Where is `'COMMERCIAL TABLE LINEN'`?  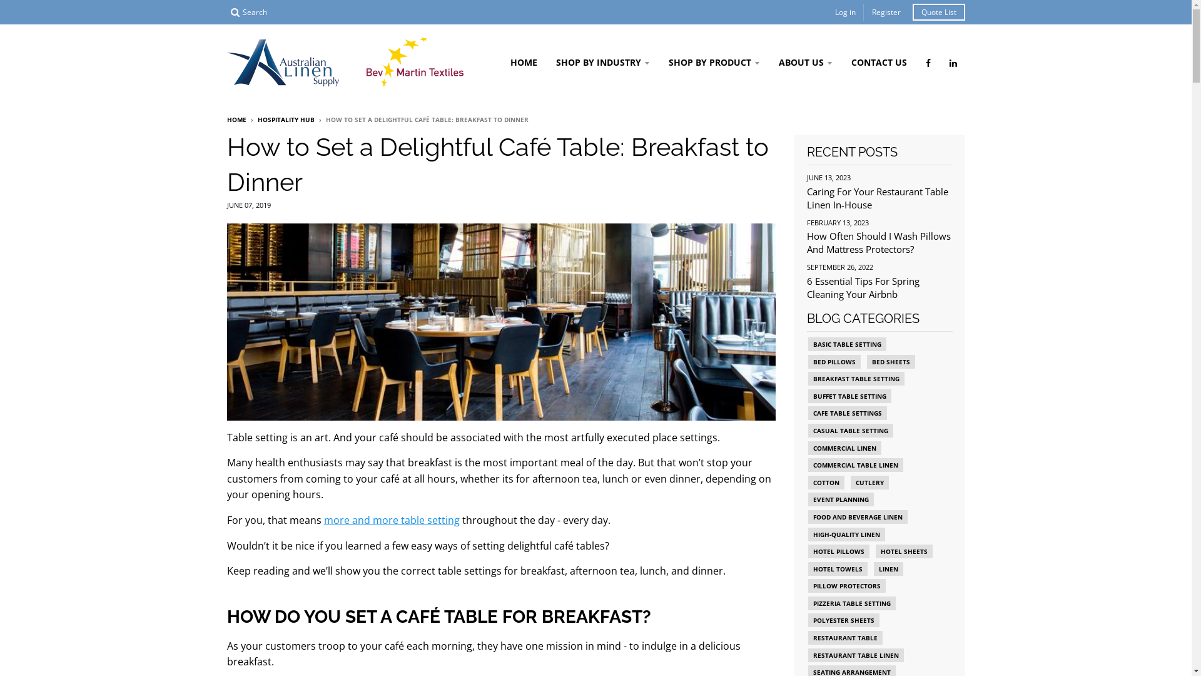 'COMMERCIAL TABLE LINEN' is located at coordinates (855, 465).